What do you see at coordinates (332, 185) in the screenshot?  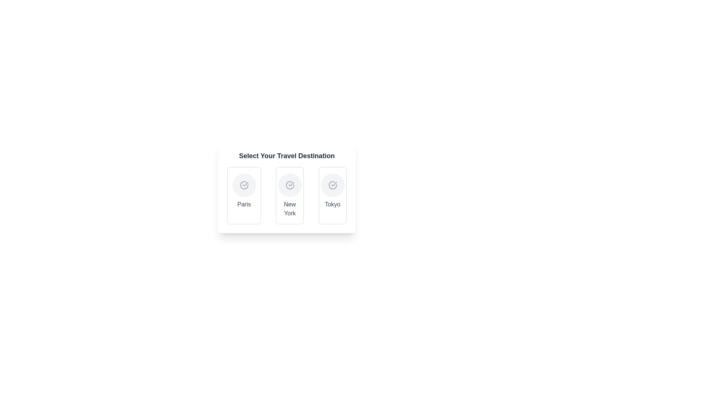 I see `the central checkmark icon indicating the selection of 'Tokyo' in the travel destination choice interface` at bounding box center [332, 185].